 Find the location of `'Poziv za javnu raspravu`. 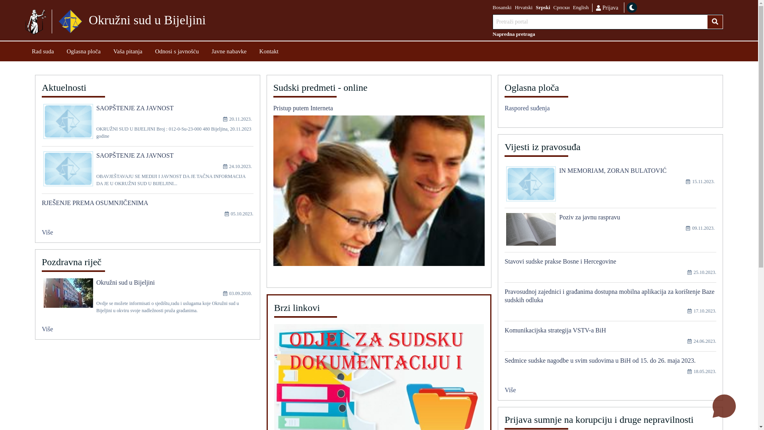

'Poziv za javnu raspravu is located at coordinates (610, 233).